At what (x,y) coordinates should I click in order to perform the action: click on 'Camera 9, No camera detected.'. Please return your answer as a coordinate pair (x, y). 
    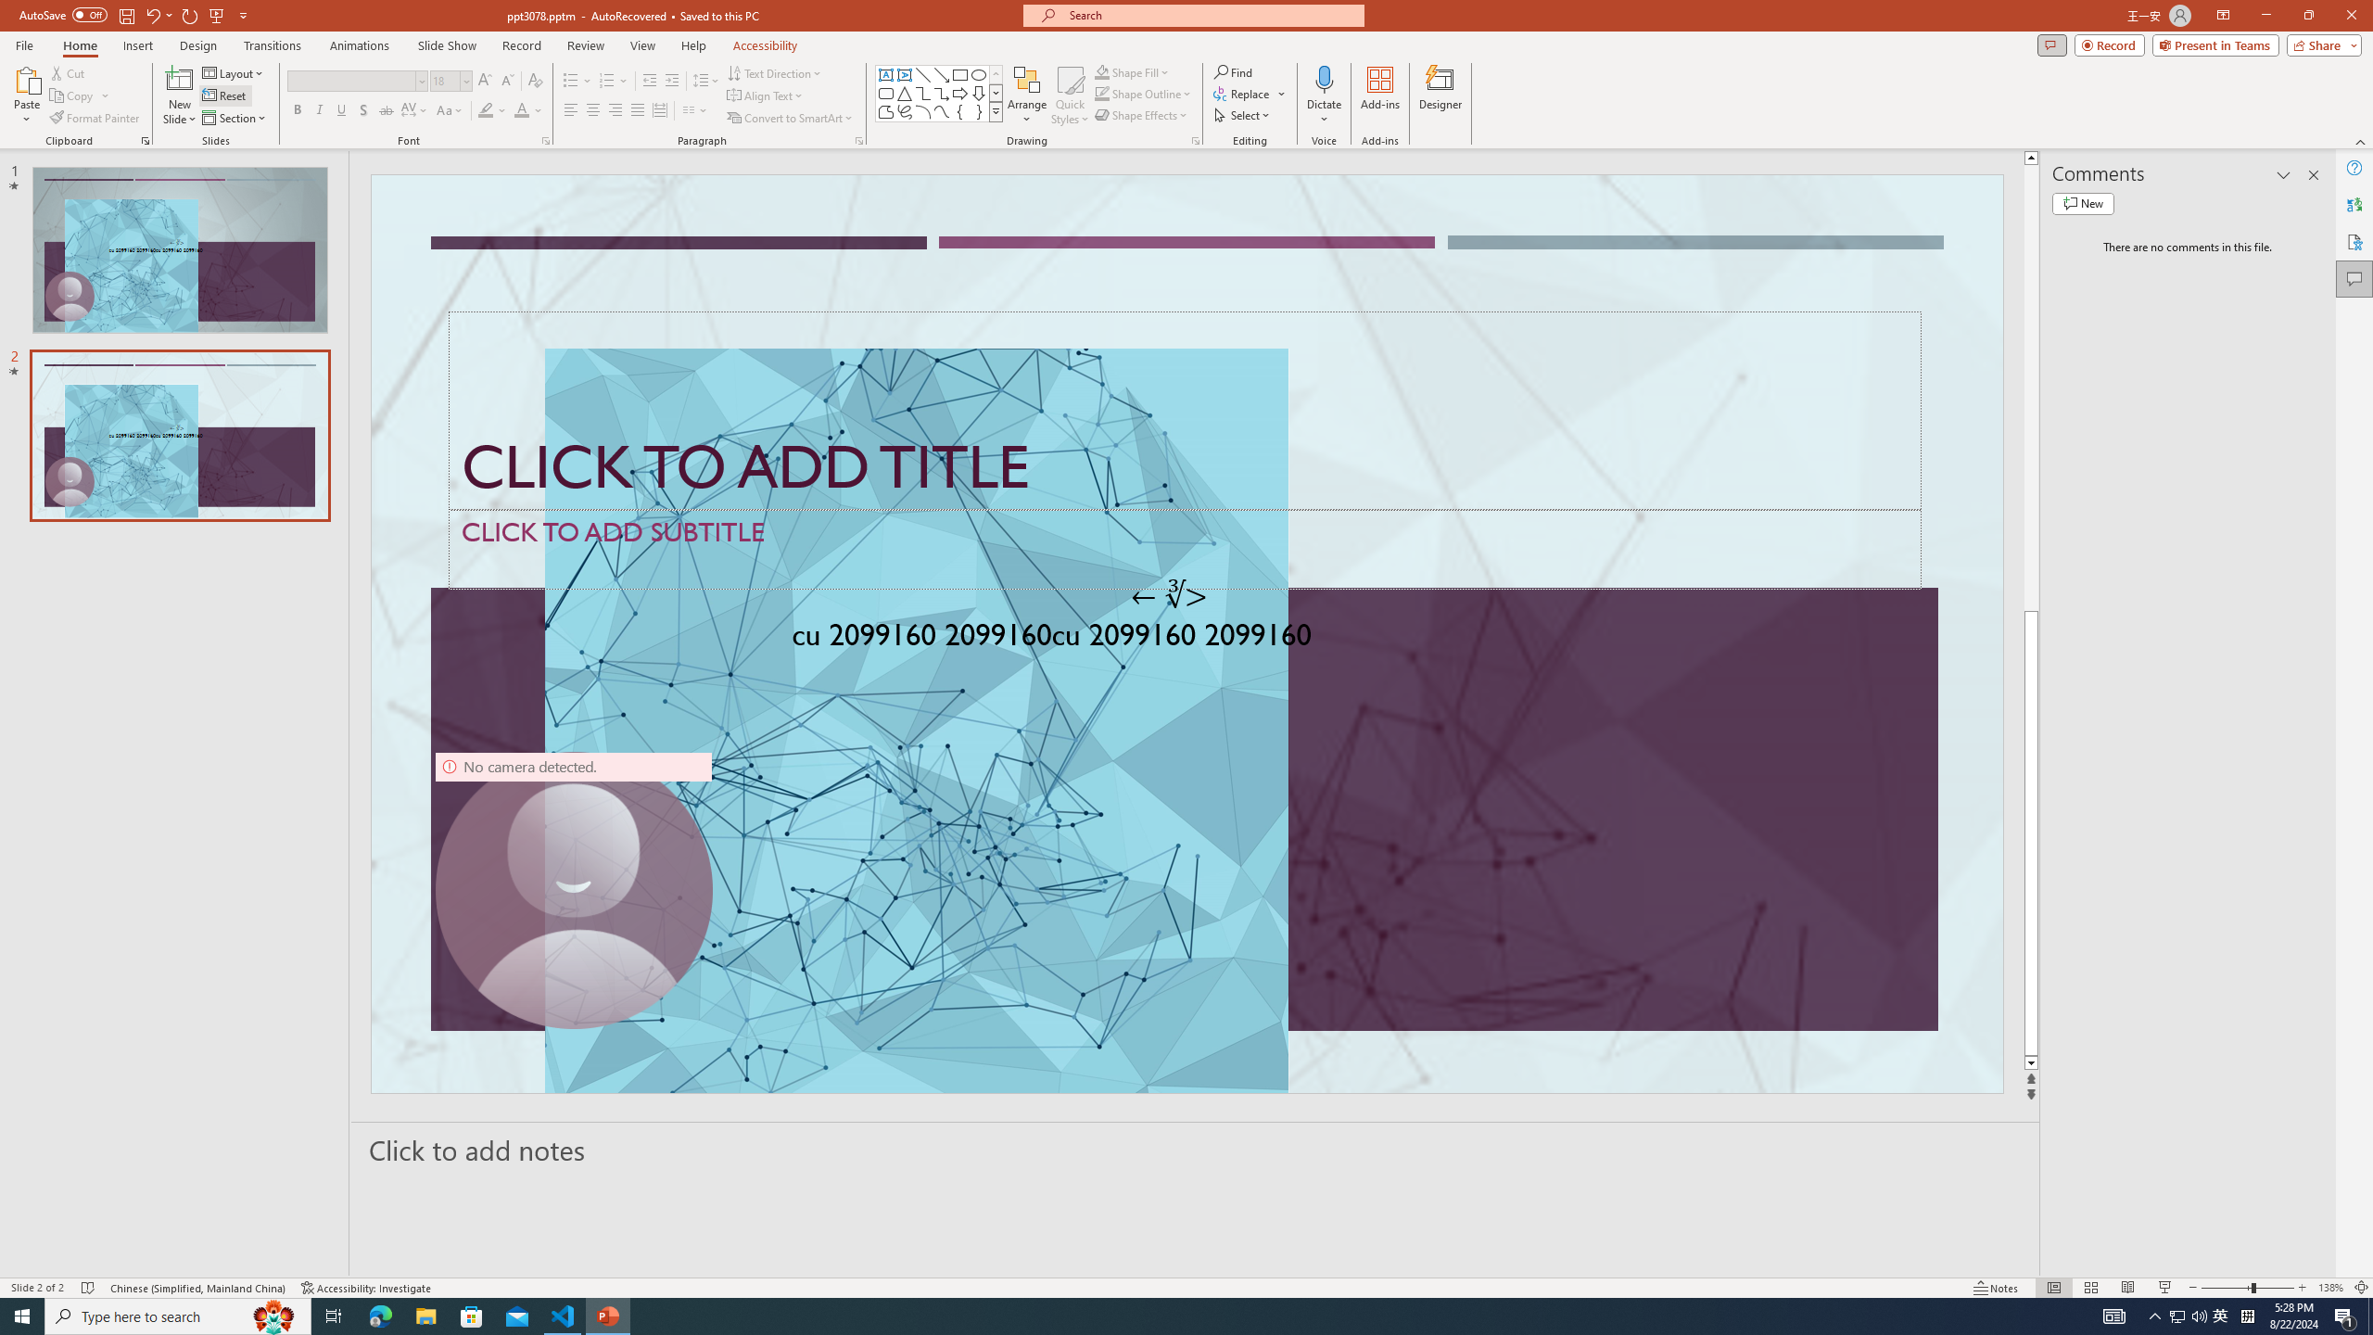
    Looking at the image, I should click on (574, 890).